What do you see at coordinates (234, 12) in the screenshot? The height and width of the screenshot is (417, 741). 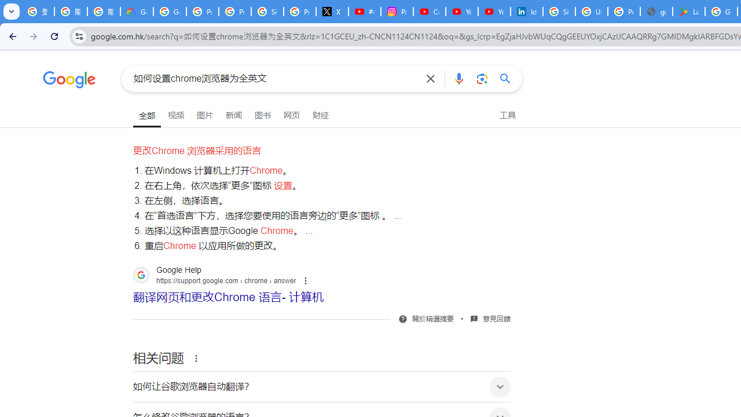 I see `'Privacy Help Center - Policies Help'` at bounding box center [234, 12].